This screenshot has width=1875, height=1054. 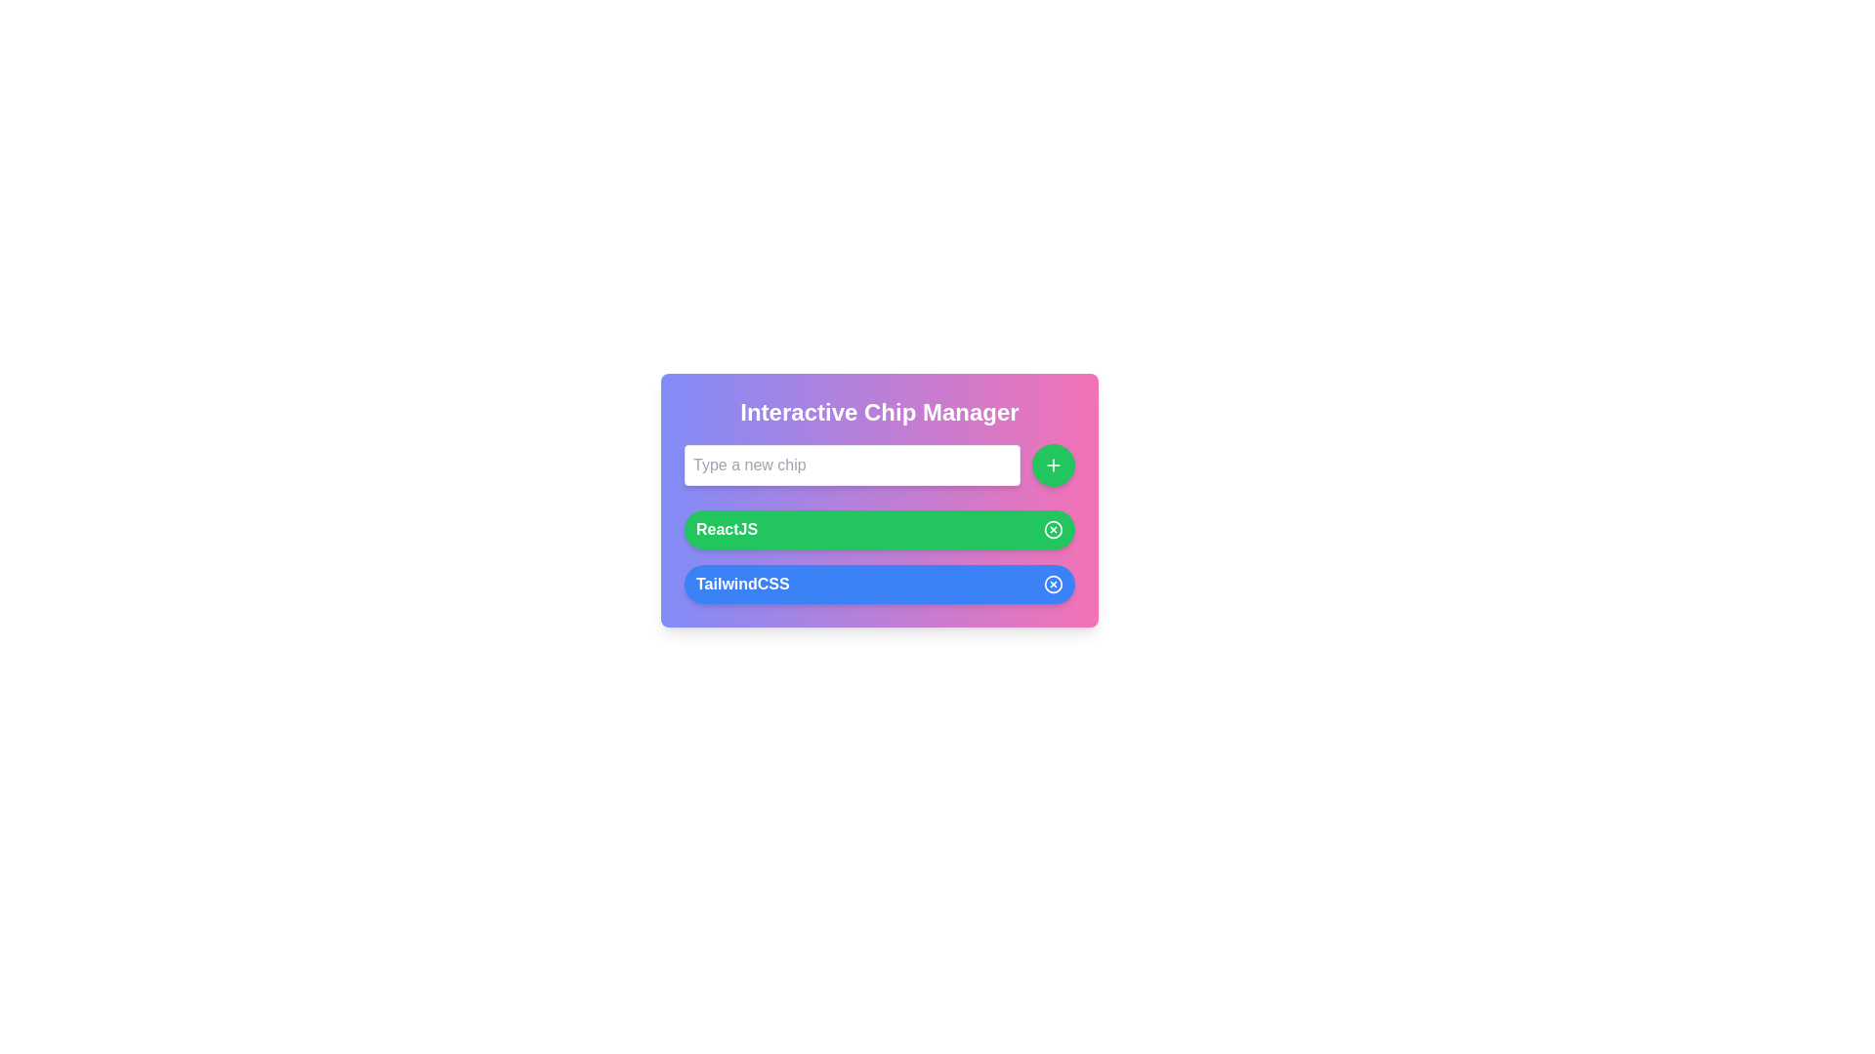 What do you see at coordinates (726, 530) in the screenshot?
I see `the Text label that identifies the green chip, which represents its content as 'ReactJS', located left-central above the 'TailwindCSS' chip` at bounding box center [726, 530].